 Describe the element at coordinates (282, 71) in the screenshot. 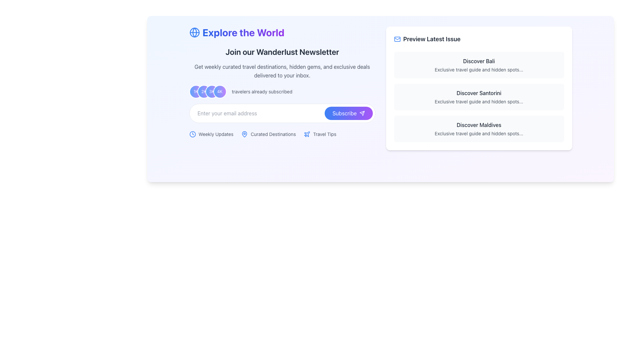

I see `the descriptive text block that provides details about the benefits of subscribing to the newsletter, located below the heading 'Join our Wanderlust Newsletter.'` at that location.